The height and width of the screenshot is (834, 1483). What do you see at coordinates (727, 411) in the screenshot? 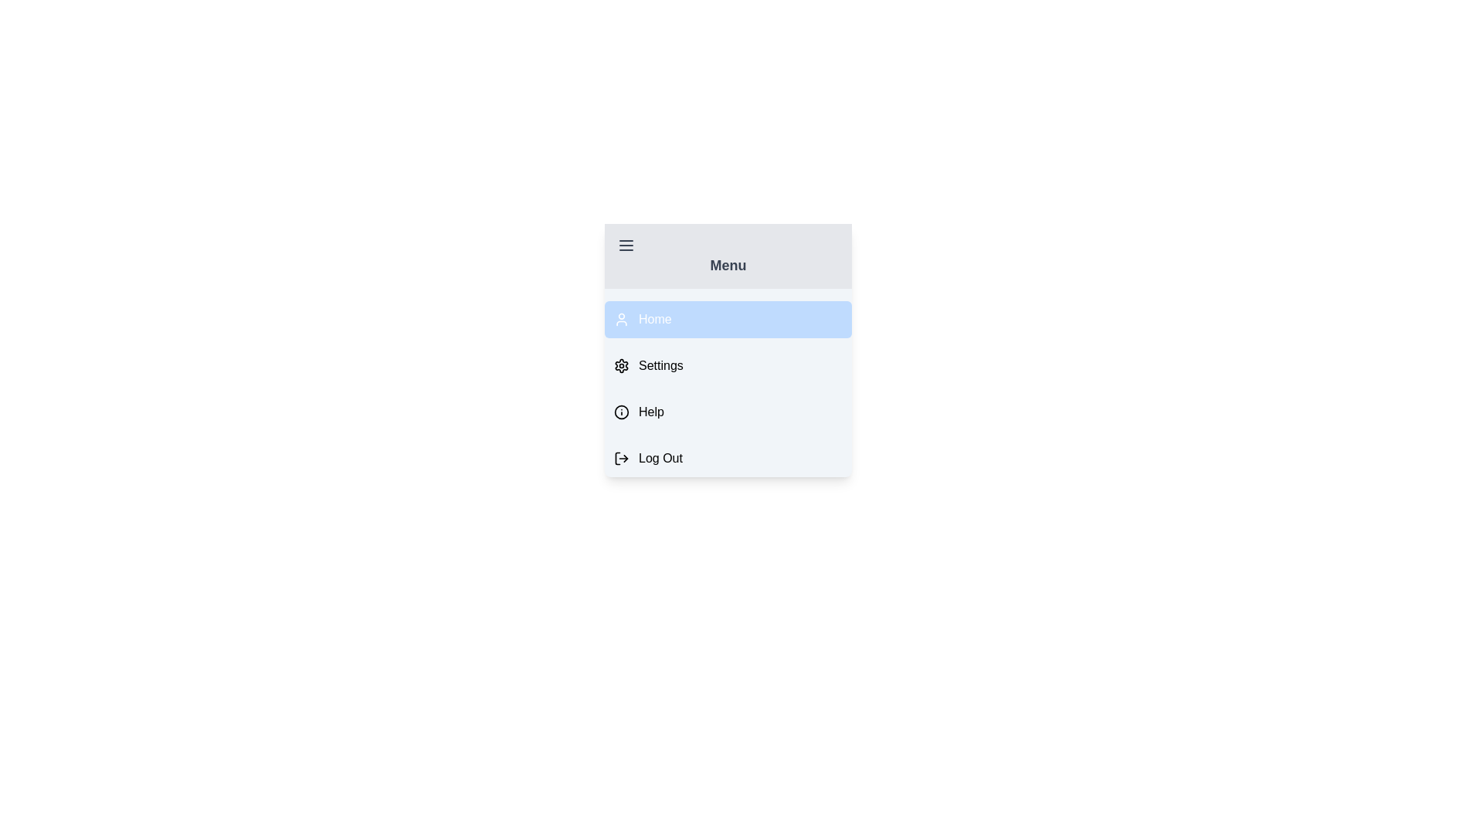
I see `the menu item labeled Help to observe style changes` at bounding box center [727, 411].